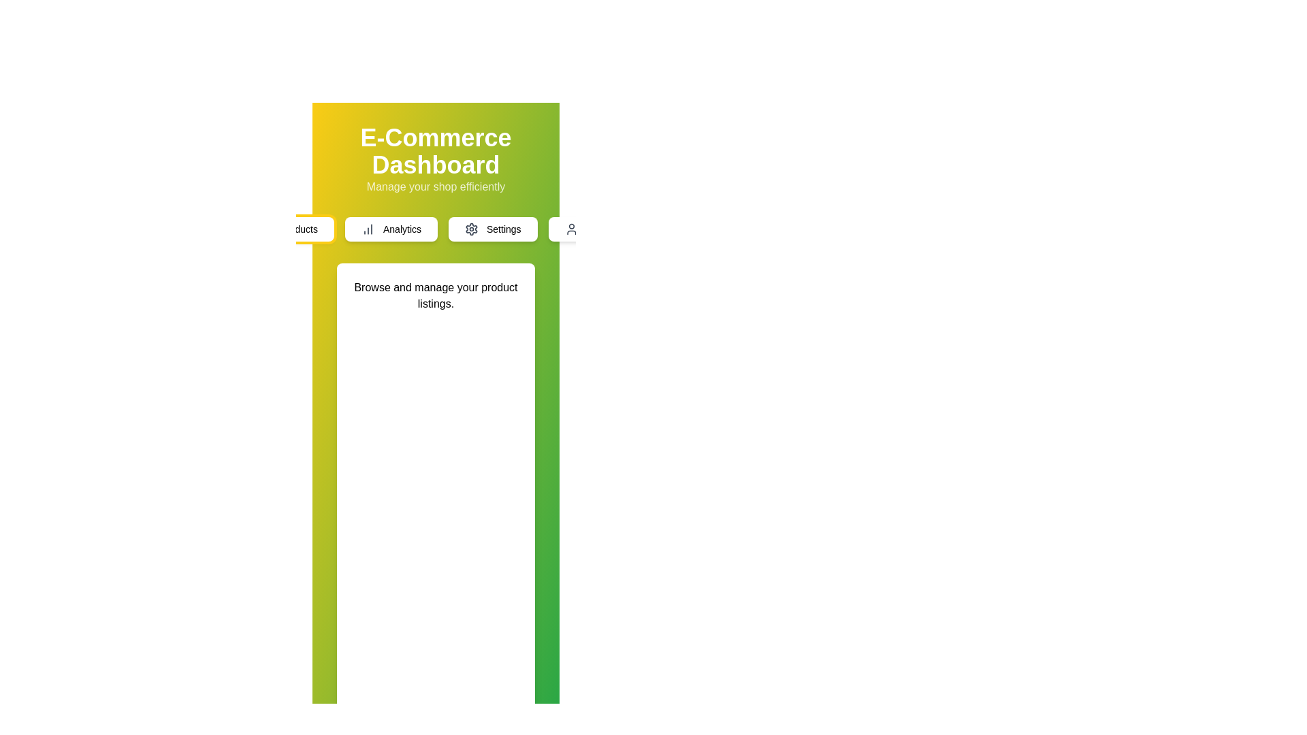  I want to click on the user profile icon, which is a small decorative outline of a person located within the 'Profile' button in the top-right section of the interface, so click(571, 228).